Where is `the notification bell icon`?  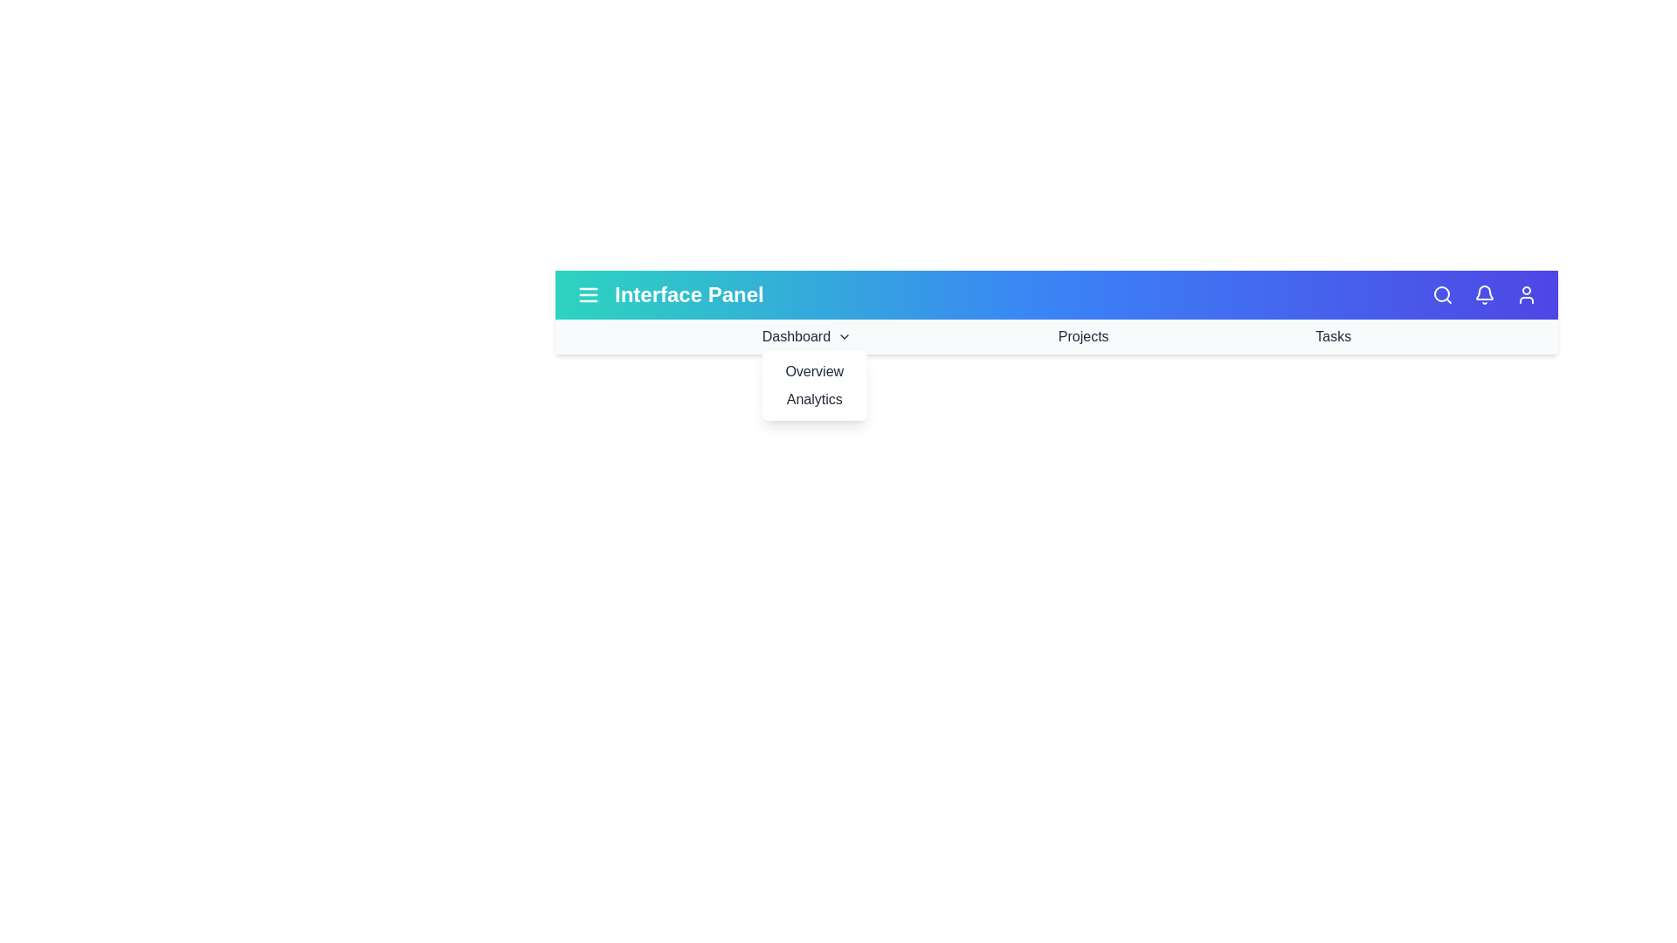
the notification bell icon is located at coordinates (1483, 294).